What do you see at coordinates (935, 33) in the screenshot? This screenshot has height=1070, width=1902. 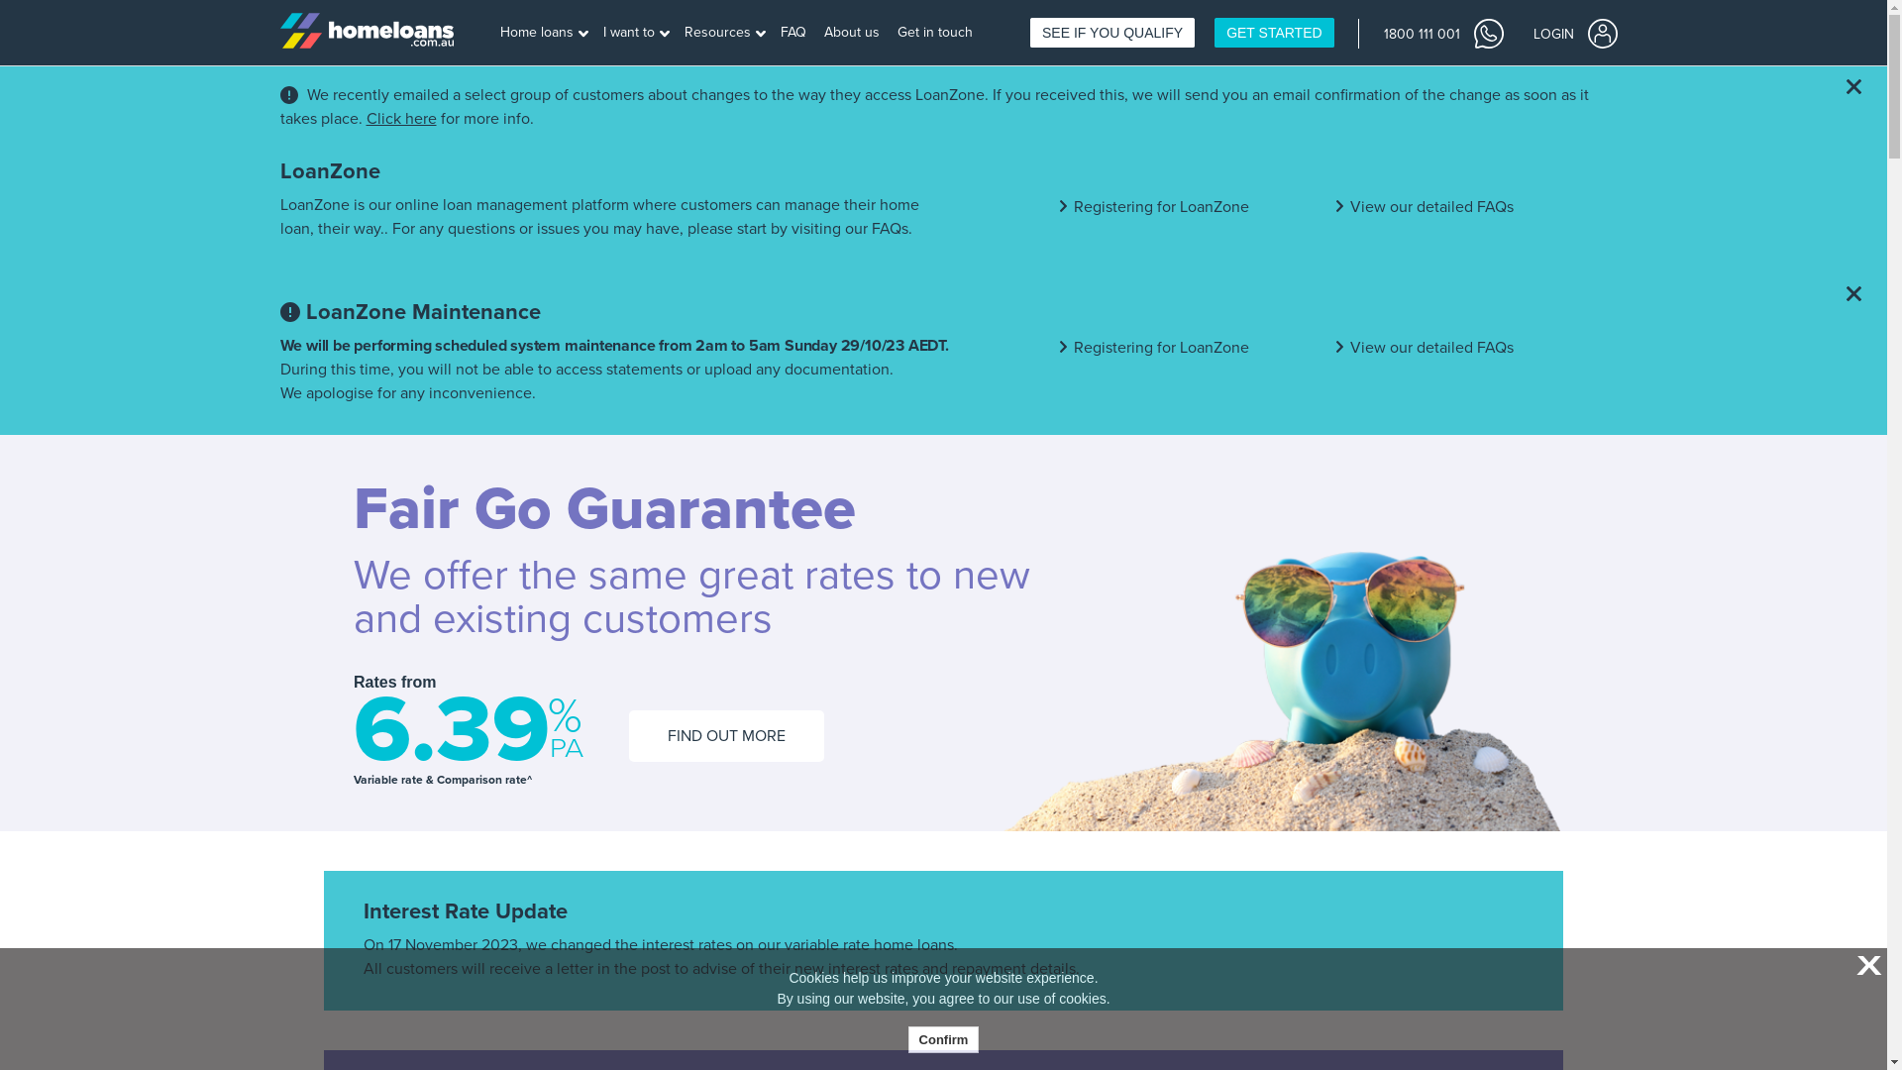 I see `'Get in touch'` at bounding box center [935, 33].